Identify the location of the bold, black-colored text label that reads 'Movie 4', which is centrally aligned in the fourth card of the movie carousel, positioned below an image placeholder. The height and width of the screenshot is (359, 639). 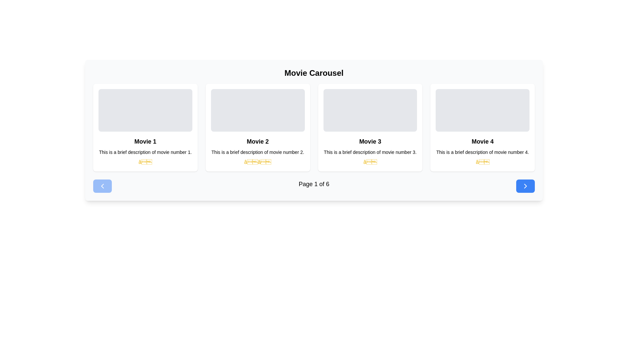
(483, 141).